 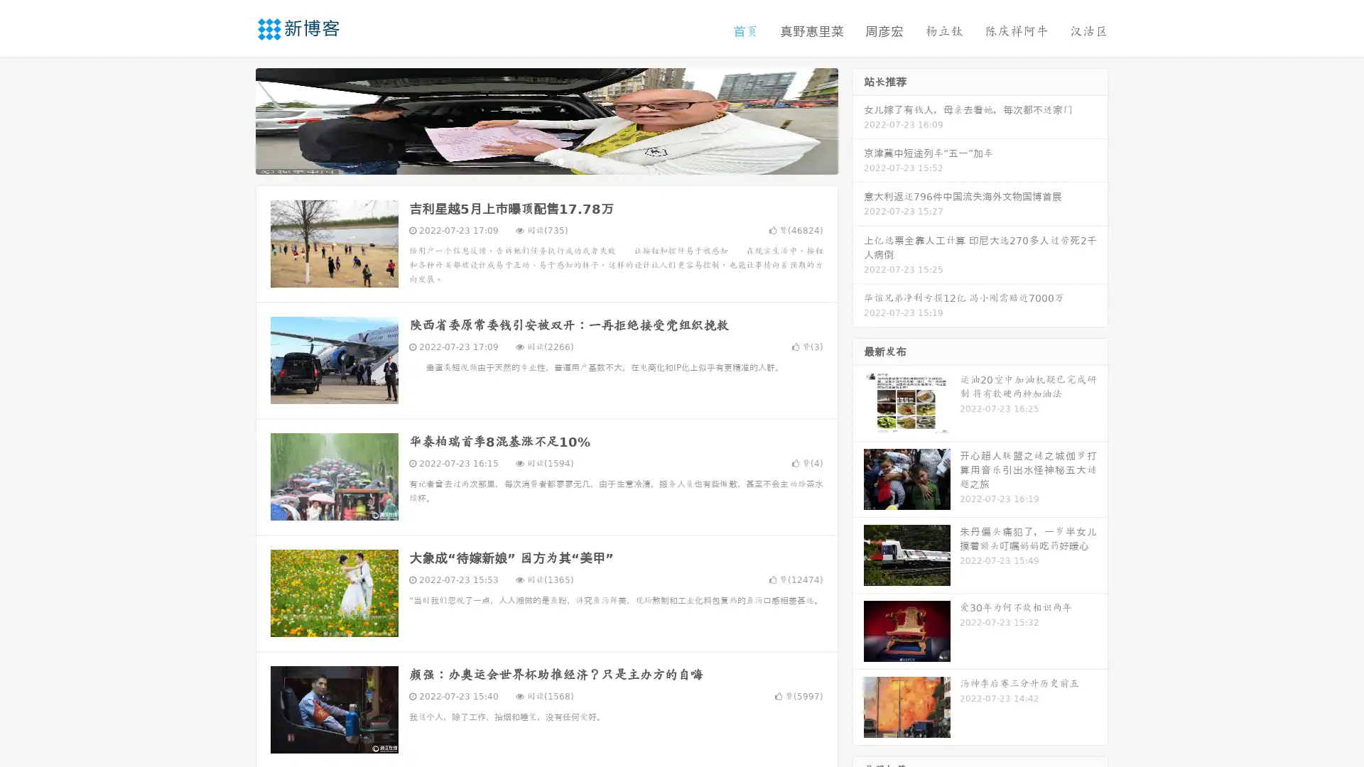 I want to click on Go to slide 3, so click(x=561, y=160).